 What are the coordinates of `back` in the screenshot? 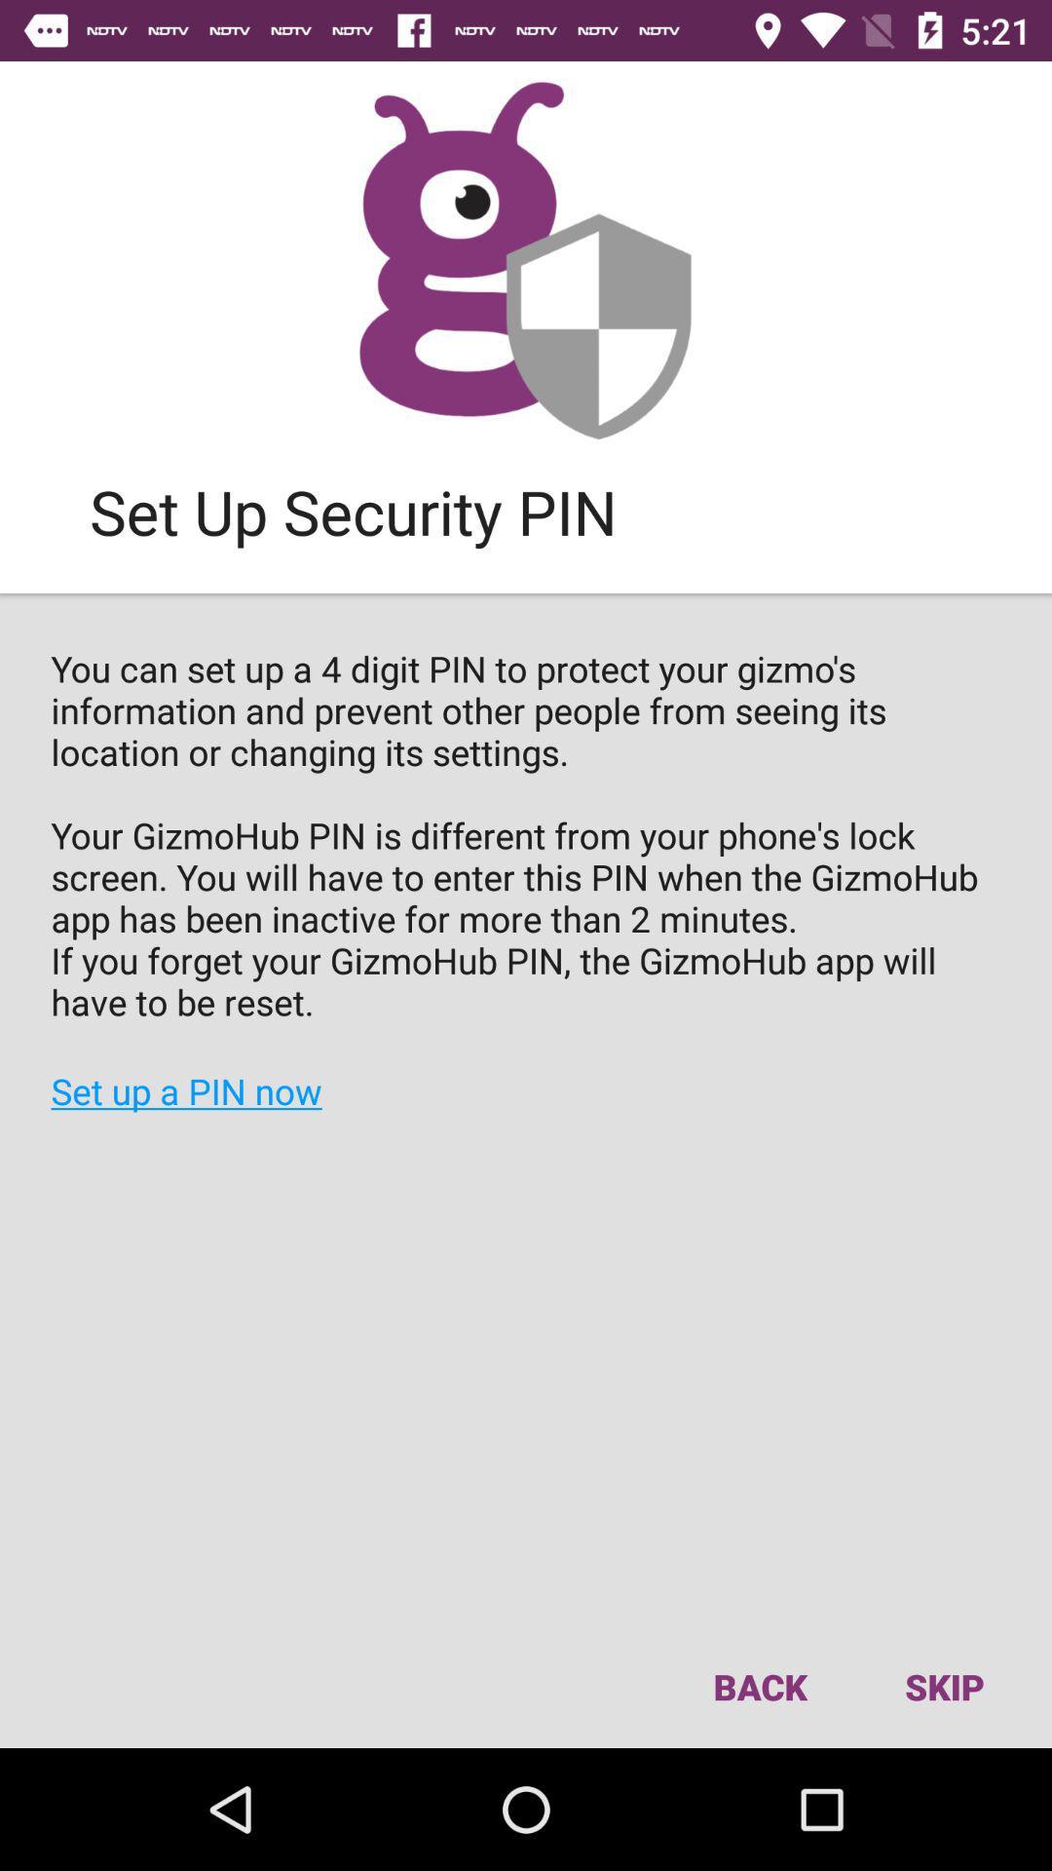 It's located at (759, 1686).